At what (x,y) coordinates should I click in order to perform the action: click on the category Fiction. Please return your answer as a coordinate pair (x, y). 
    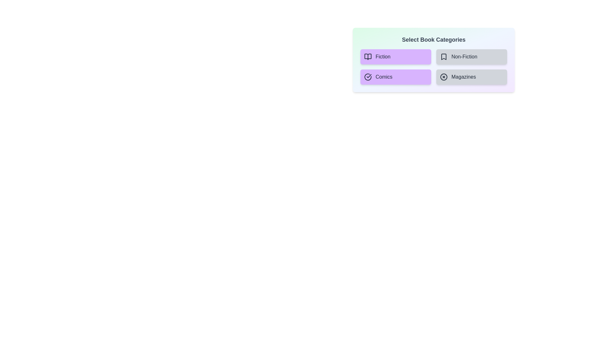
    Looking at the image, I should click on (395, 57).